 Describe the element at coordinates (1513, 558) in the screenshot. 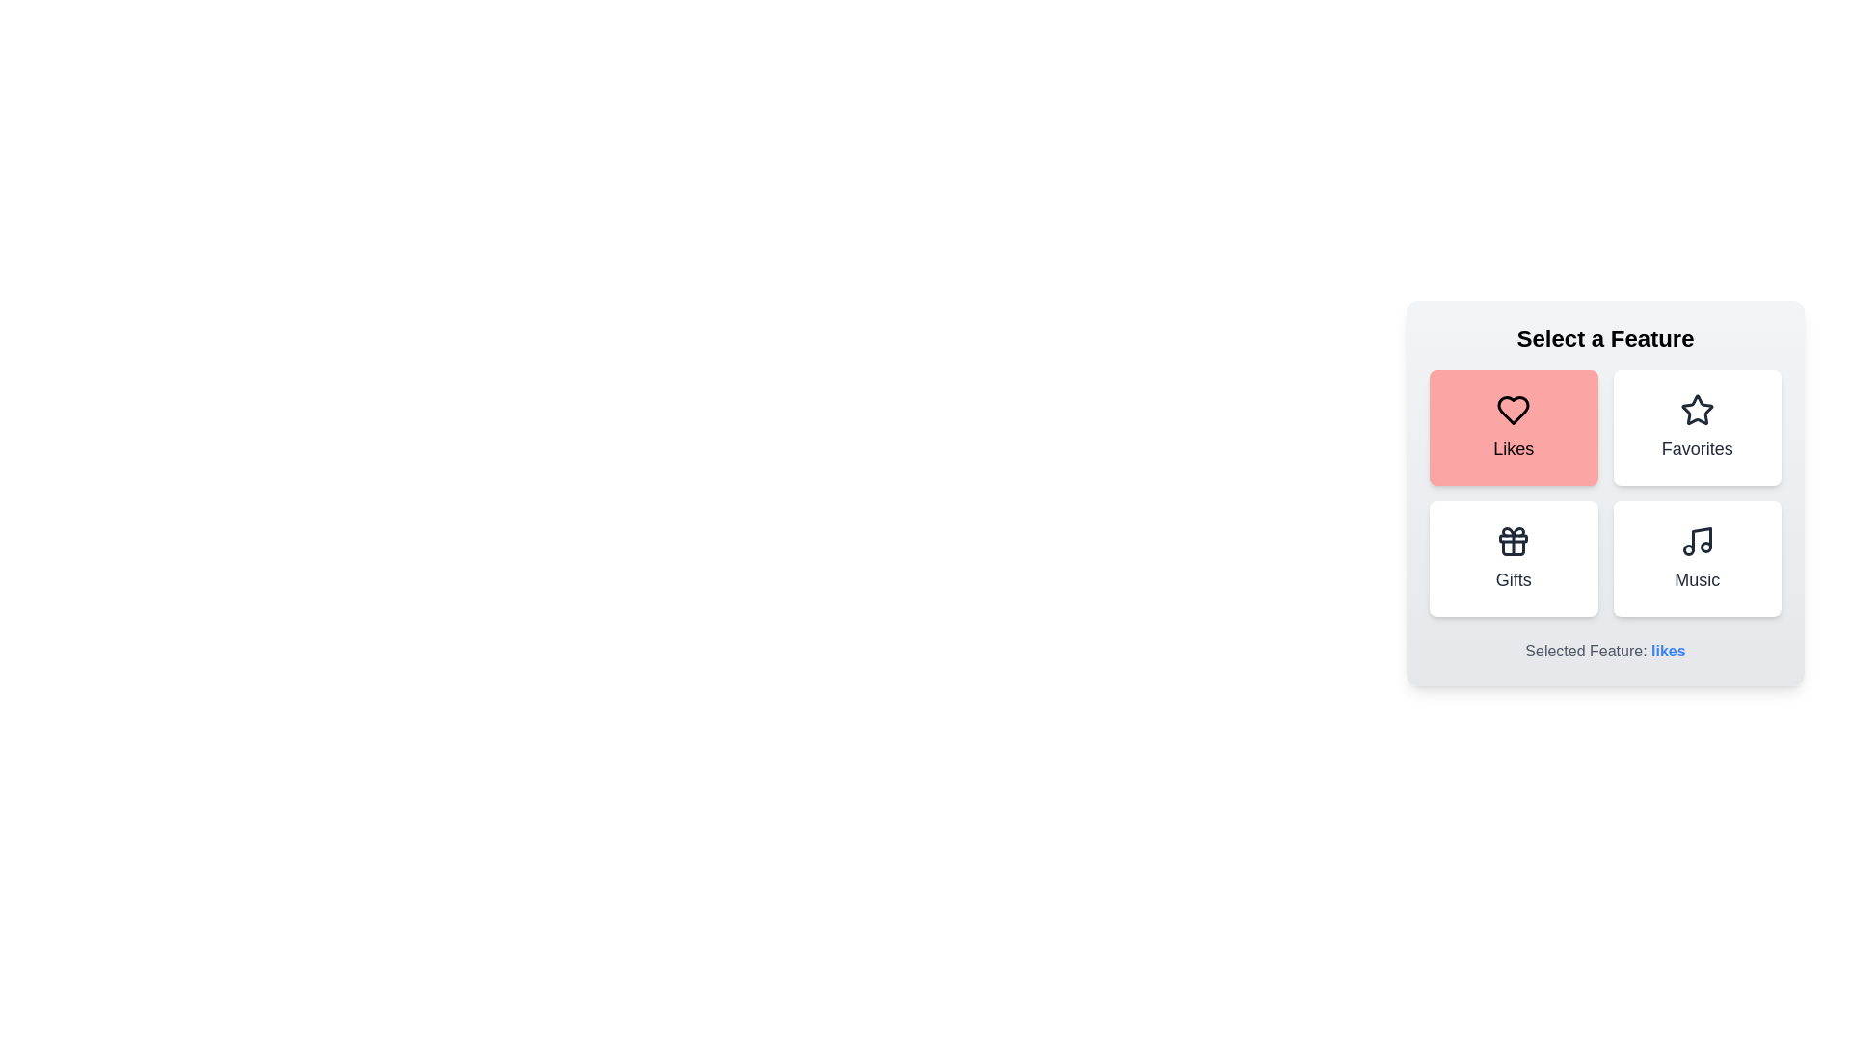

I see `the feature button corresponding to Gifts` at that location.